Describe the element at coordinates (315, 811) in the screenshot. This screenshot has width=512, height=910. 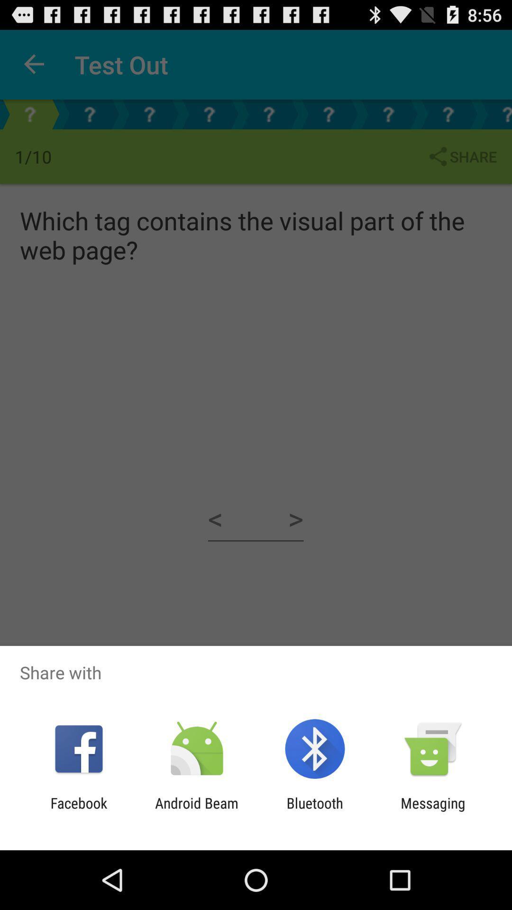
I see `the icon to the right of the android beam item` at that location.